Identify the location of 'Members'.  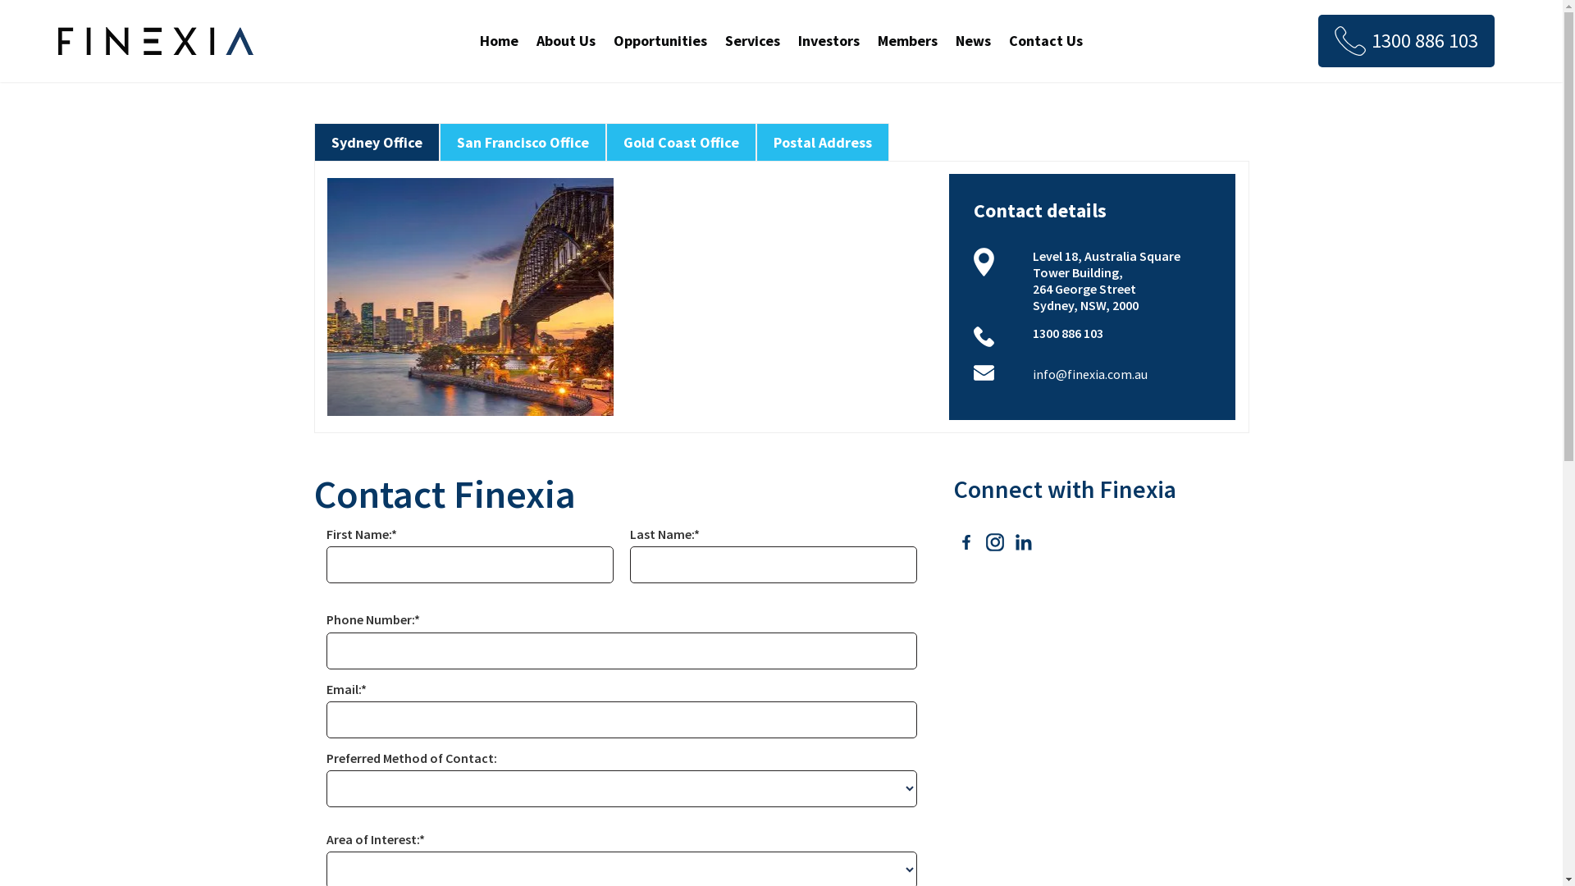
(906, 40).